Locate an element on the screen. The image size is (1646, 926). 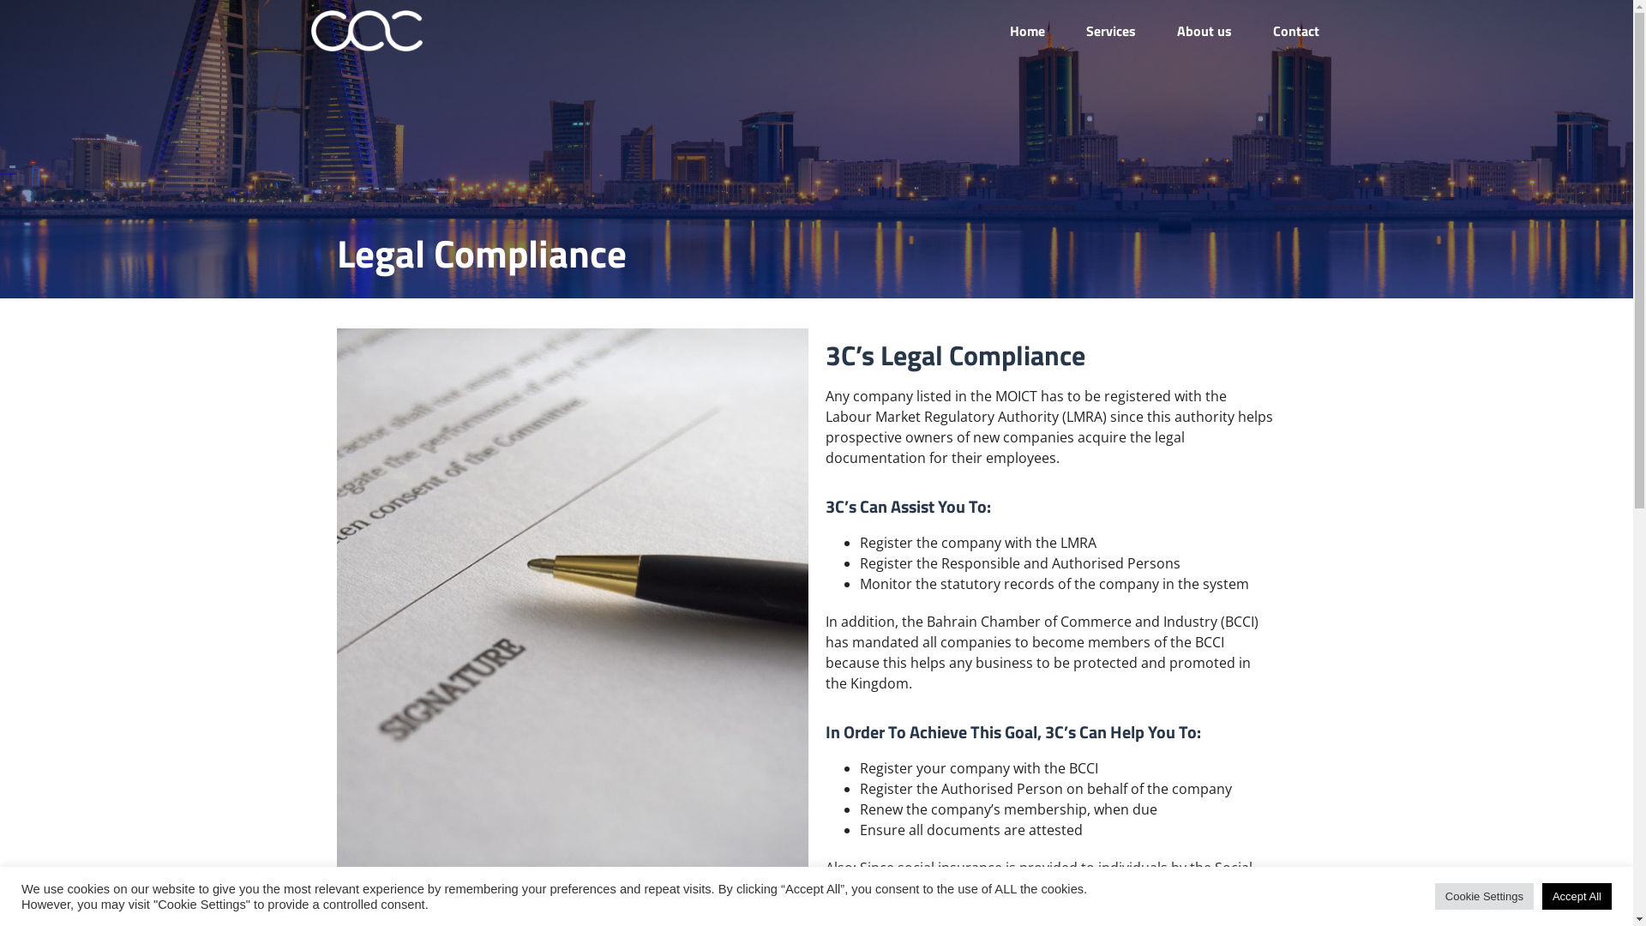
'About us' is located at coordinates (1172, 30).